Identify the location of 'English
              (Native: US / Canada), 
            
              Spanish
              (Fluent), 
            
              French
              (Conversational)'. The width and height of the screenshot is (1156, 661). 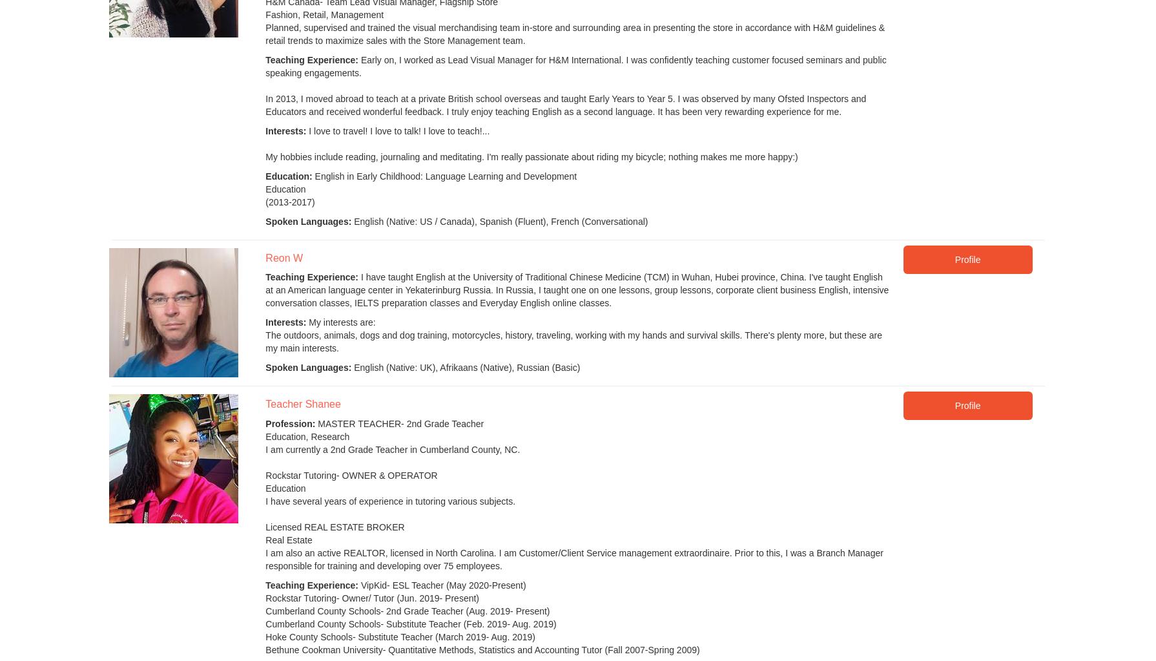
(350, 222).